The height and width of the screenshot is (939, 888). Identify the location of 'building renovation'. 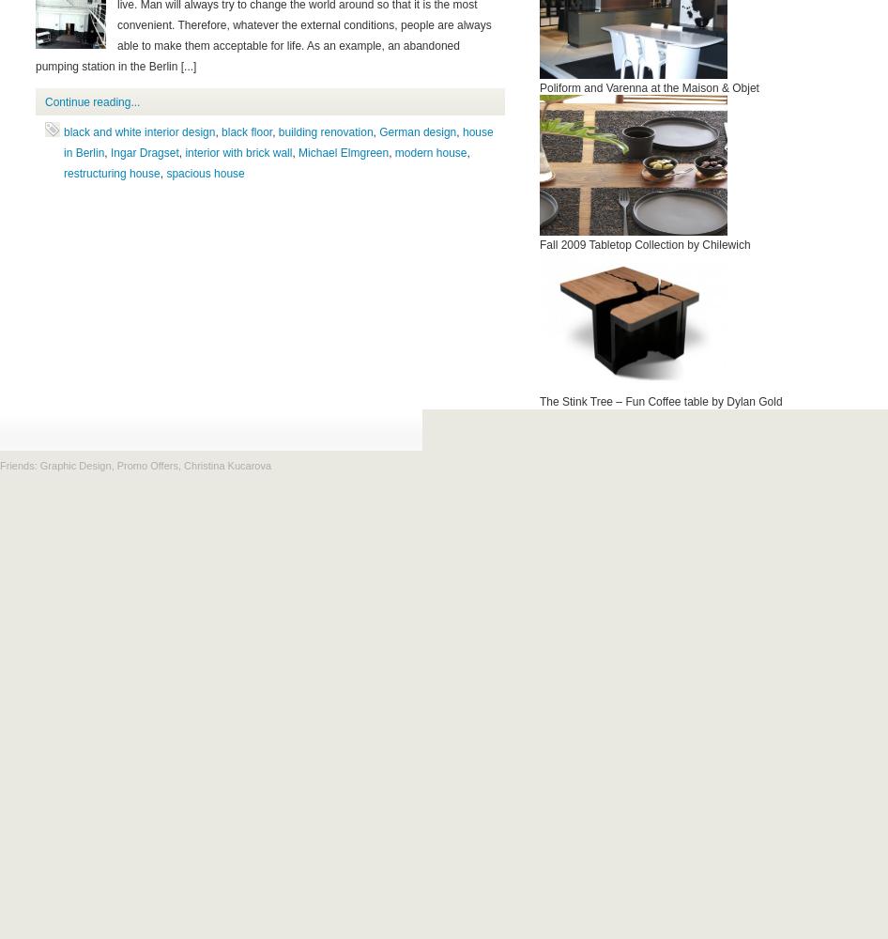
(325, 132).